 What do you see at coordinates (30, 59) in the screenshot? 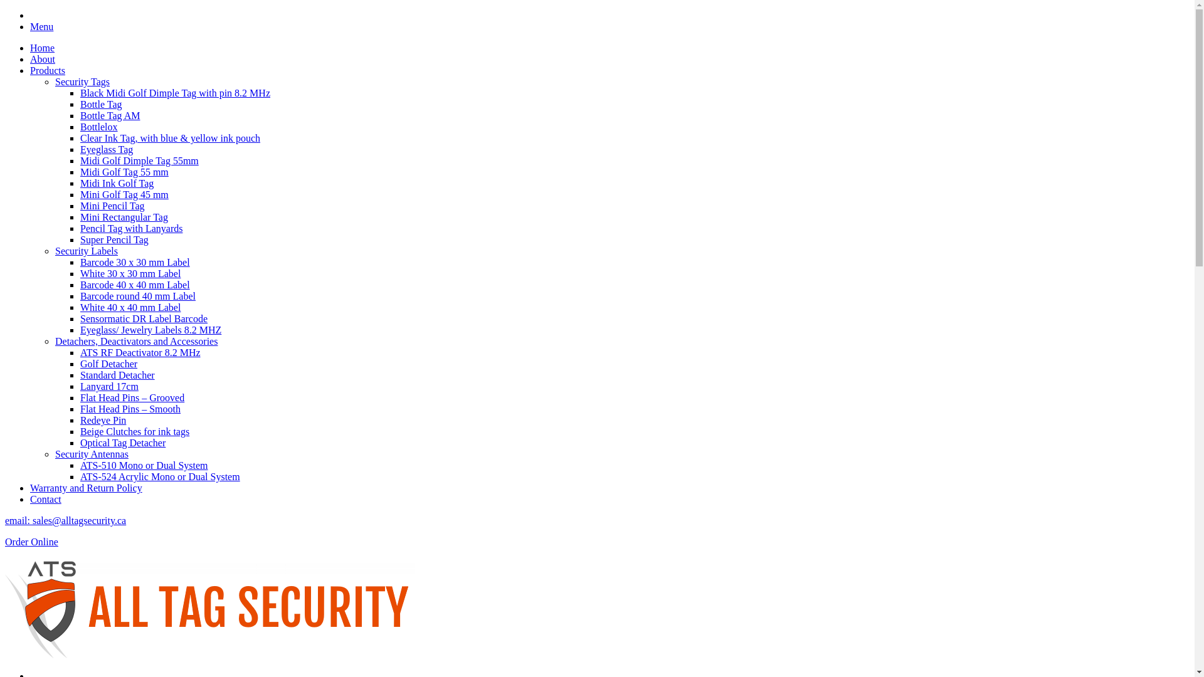
I see `'About'` at bounding box center [30, 59].